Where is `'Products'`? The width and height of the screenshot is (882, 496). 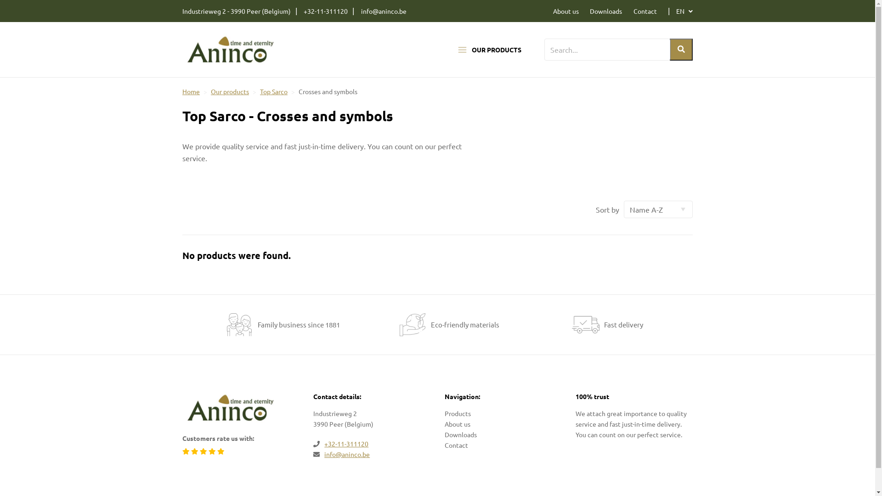
'Products' is located at coordinates (458, 412).